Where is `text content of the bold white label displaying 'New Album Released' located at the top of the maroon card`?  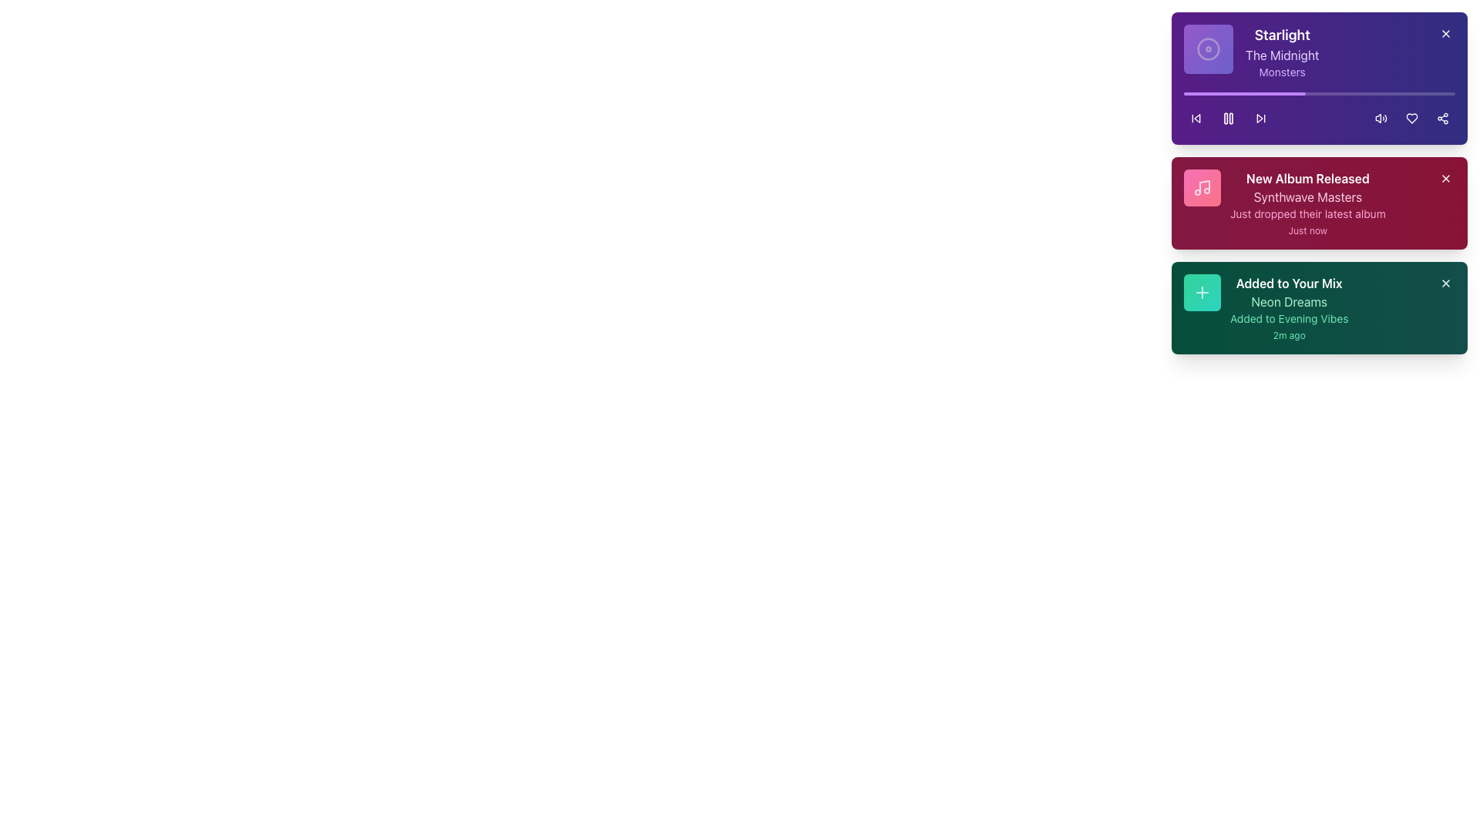
text content of the bold white label displaying 'New Album Released' located at the top of the maroon card is located at coordinates (1307, 177).